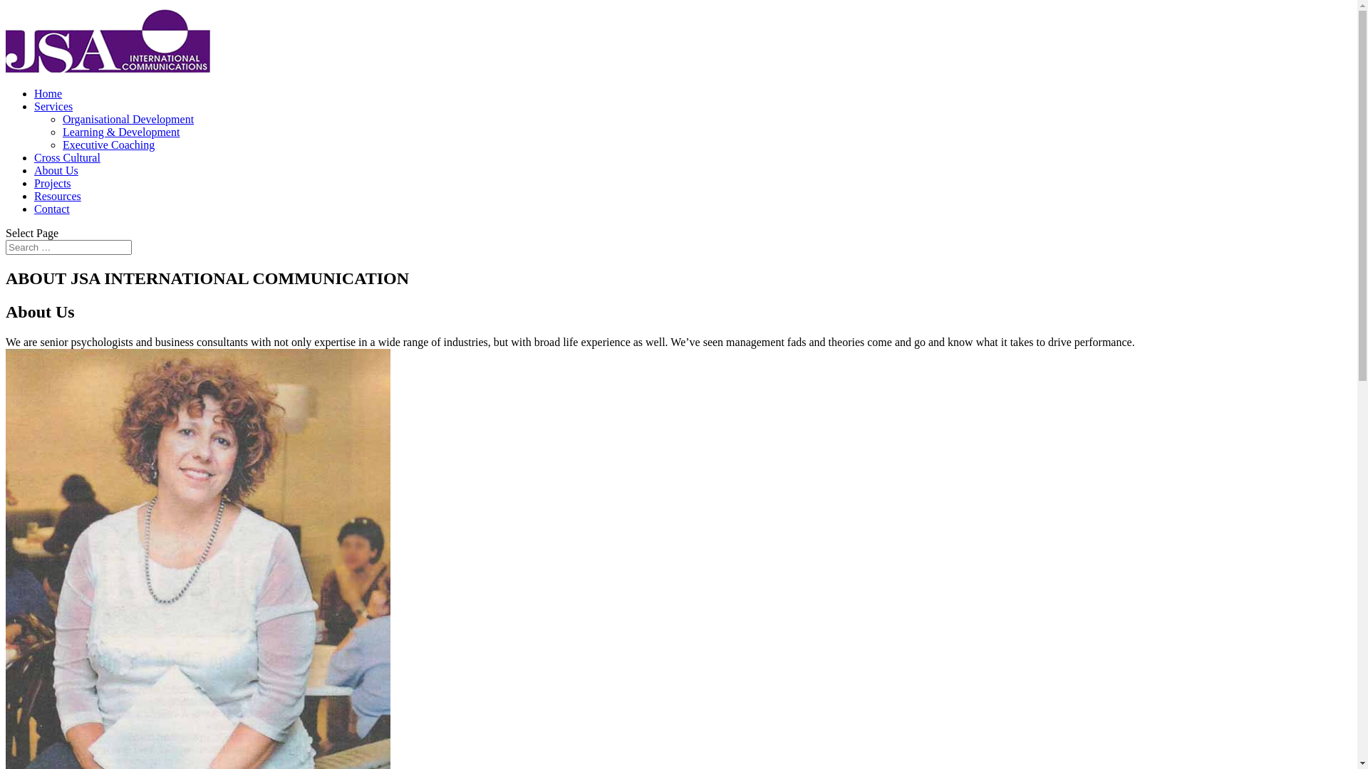 Image resolution: width=1368 pixels, height=769 pixels. I want to click on 'Projects', so click(52, 182).